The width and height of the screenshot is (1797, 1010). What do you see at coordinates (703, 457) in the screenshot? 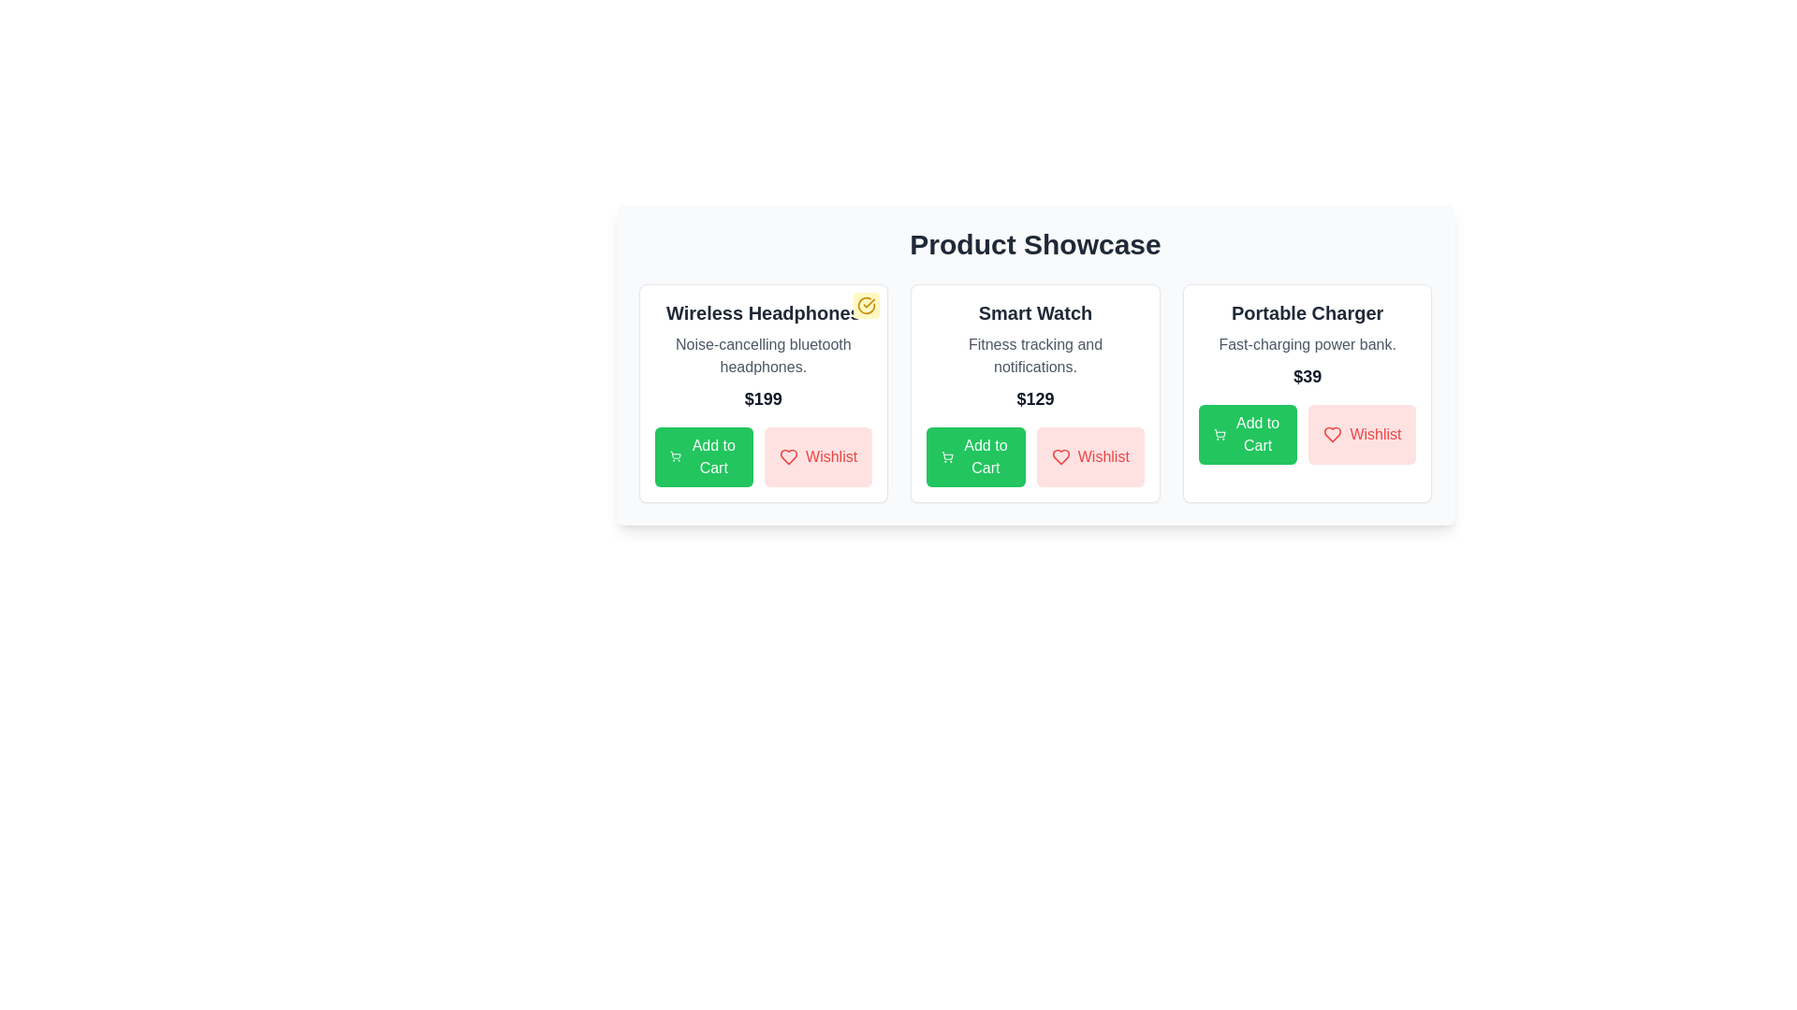
I see `the 'Add to Cart' button for the product identified by Wireless Headphones` at bounding box center [703, 457].